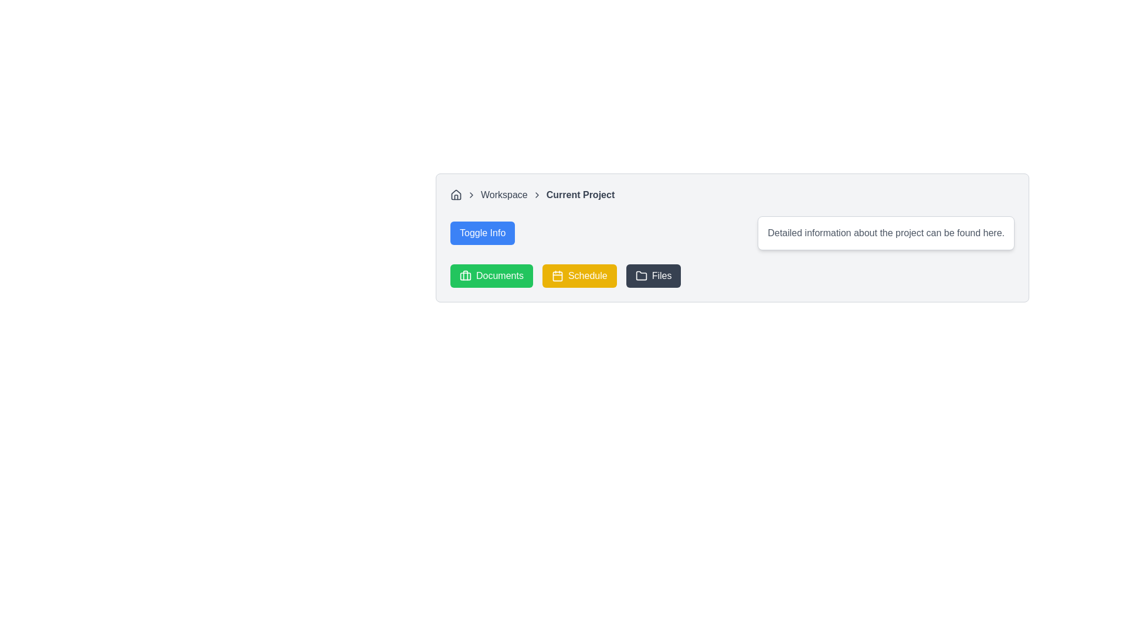 The image size is (1126, 633). What do you see at coordinates (640, 275) in the screenshot?
I see `the folder icon representing the 'Files' button, located at the bottom-right corner of the interface next to 'Documents' and 'Schedule'` at bounding box center [640, 275].